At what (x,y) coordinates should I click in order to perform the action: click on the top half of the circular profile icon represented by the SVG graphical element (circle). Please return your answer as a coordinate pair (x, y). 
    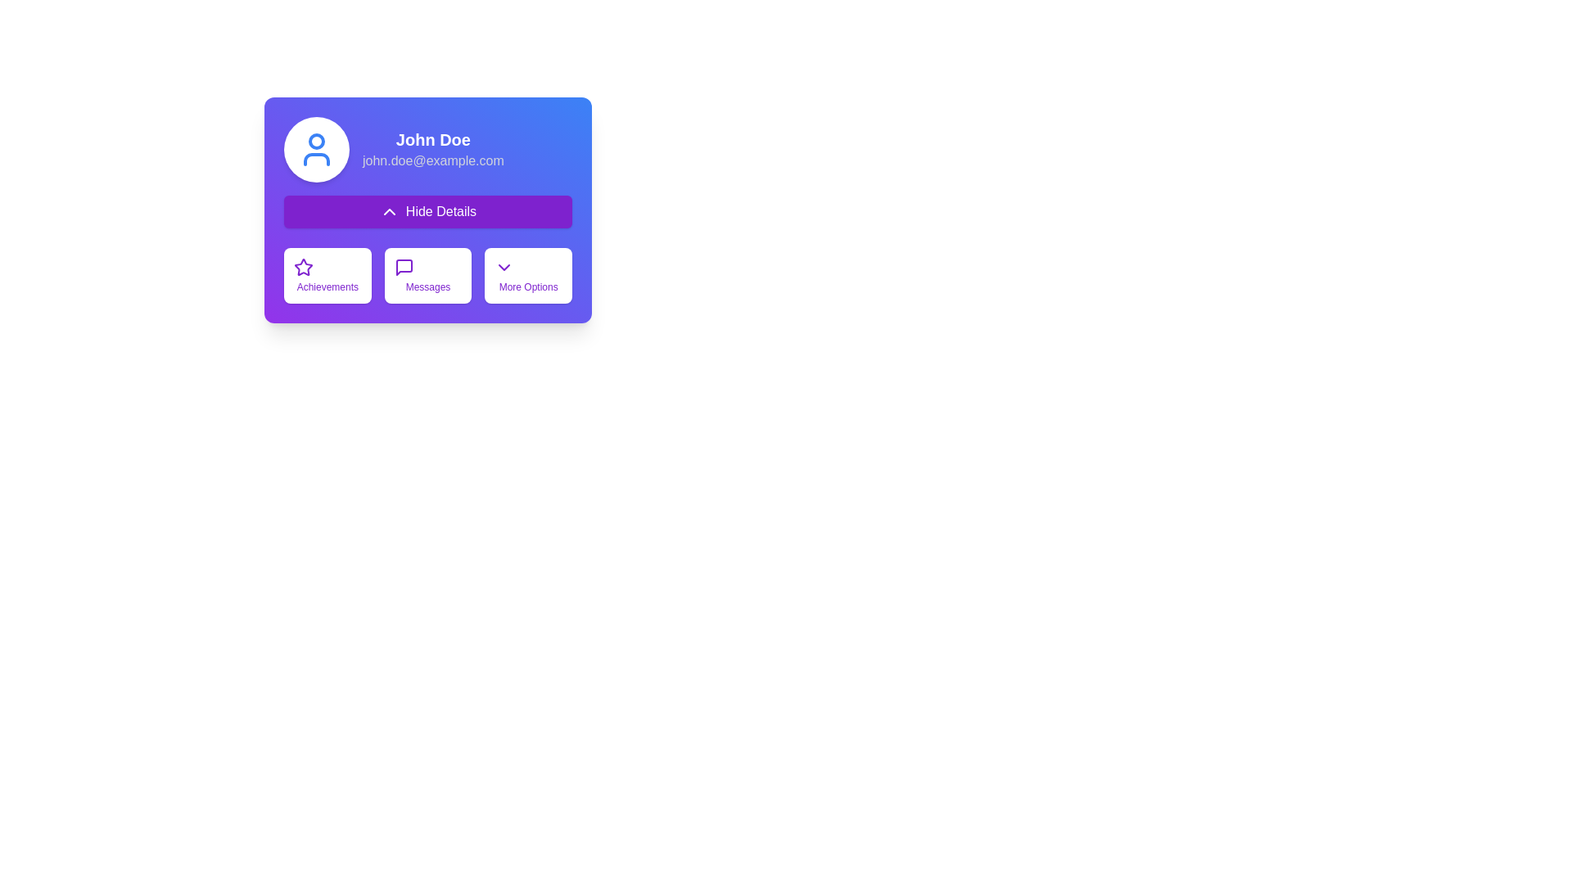
    Looking at the image, I should click on (317, 141).